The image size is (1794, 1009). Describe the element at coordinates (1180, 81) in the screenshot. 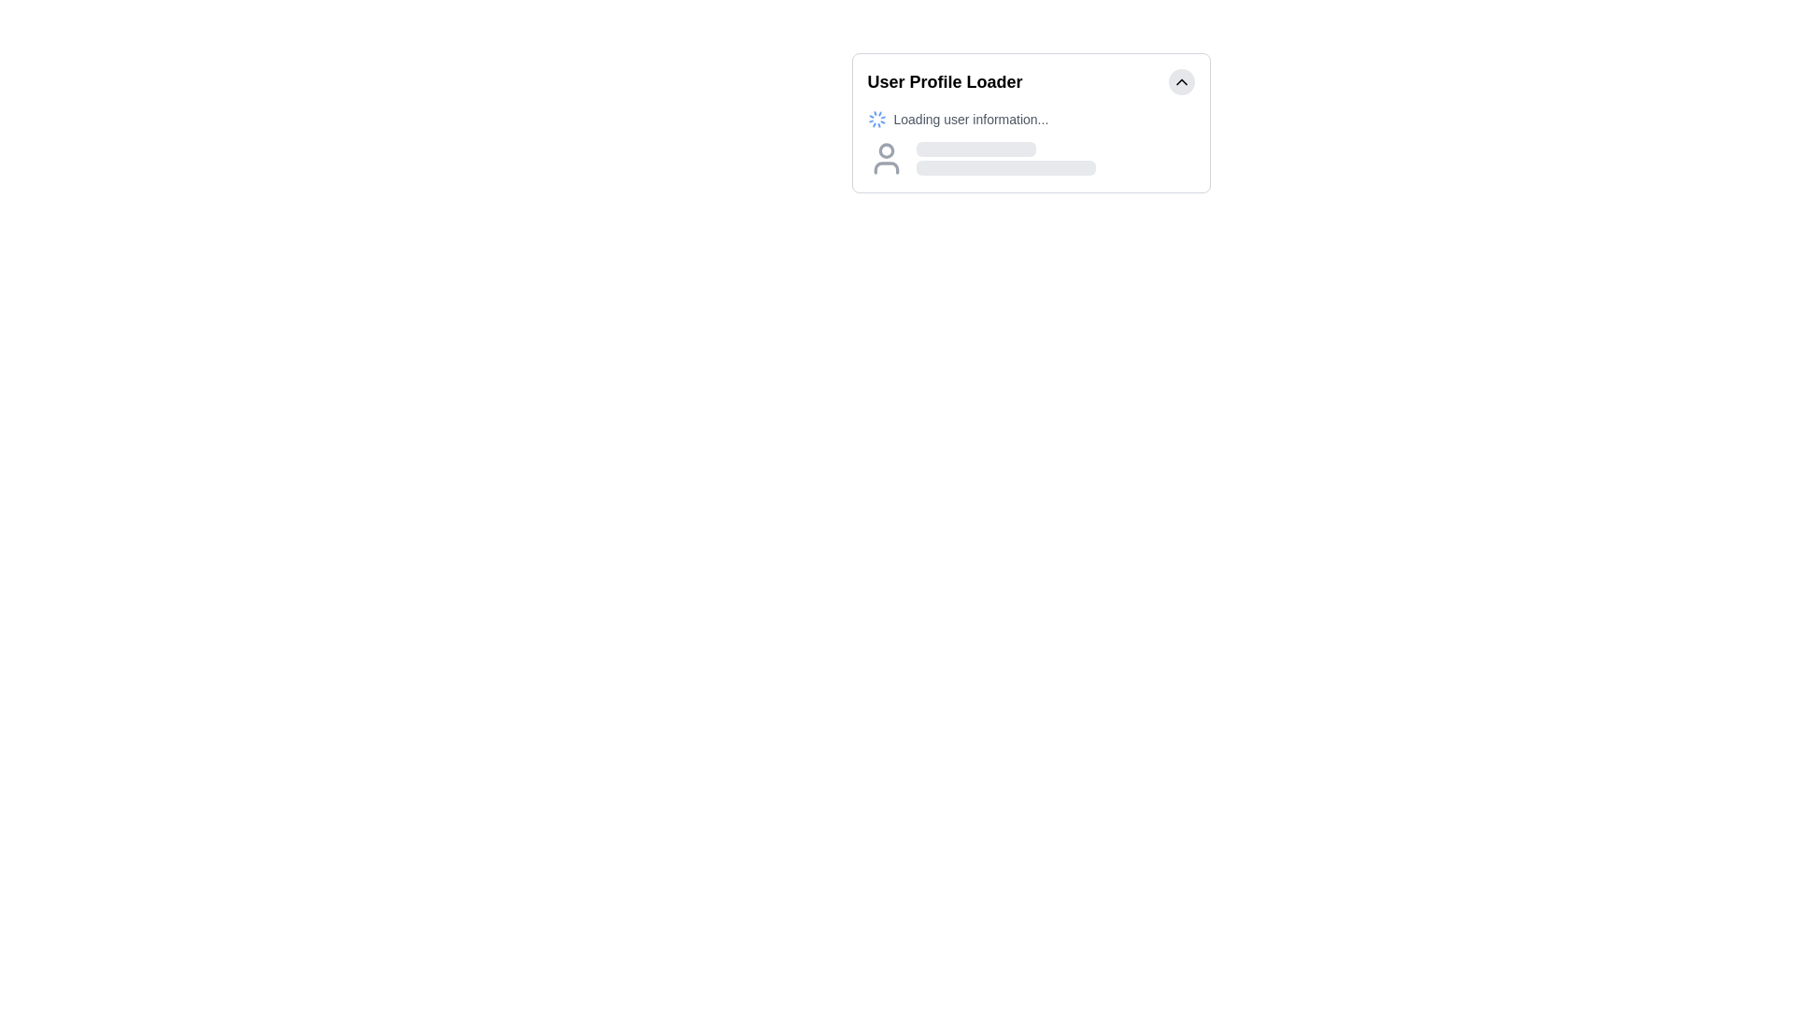

I see `the circular button with a light gray background and an upward-pointing chevron icon located at the top-right corner of the 'User Profile Loader' card` at that location.